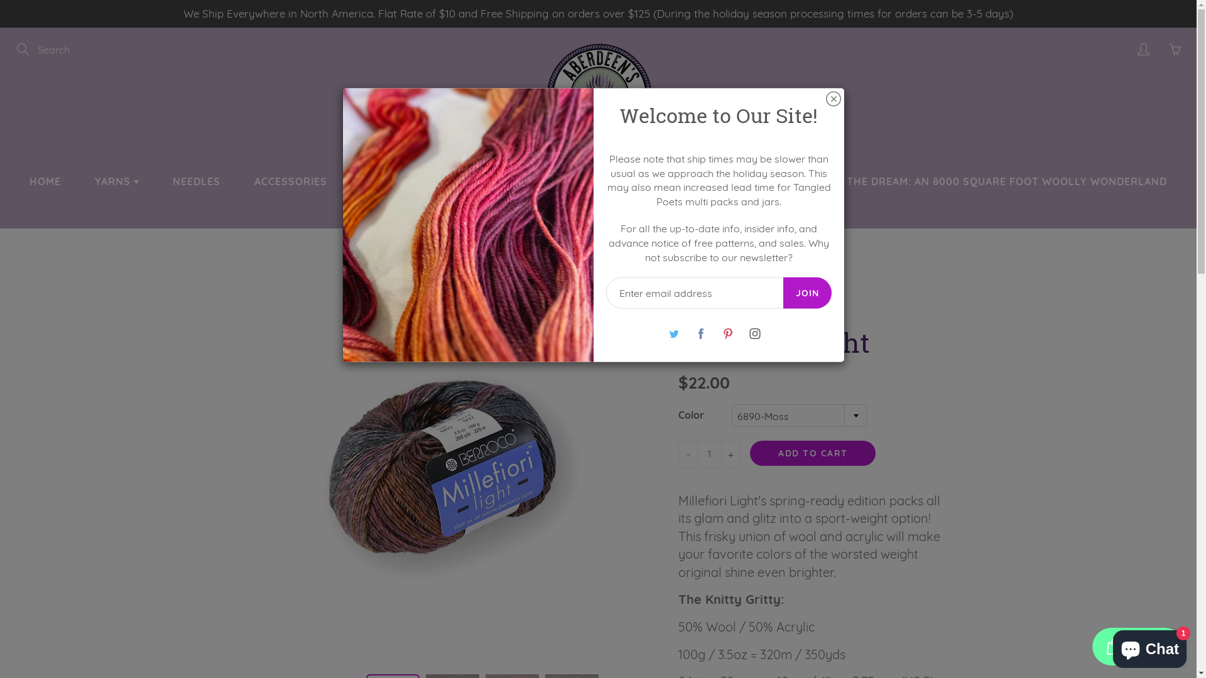 The width and height of the screenshot is (1206, 678). What do you see at coordinates (610, 181) in the screenshot?
I see `'NEWS'` at bounding box center [610, 181].